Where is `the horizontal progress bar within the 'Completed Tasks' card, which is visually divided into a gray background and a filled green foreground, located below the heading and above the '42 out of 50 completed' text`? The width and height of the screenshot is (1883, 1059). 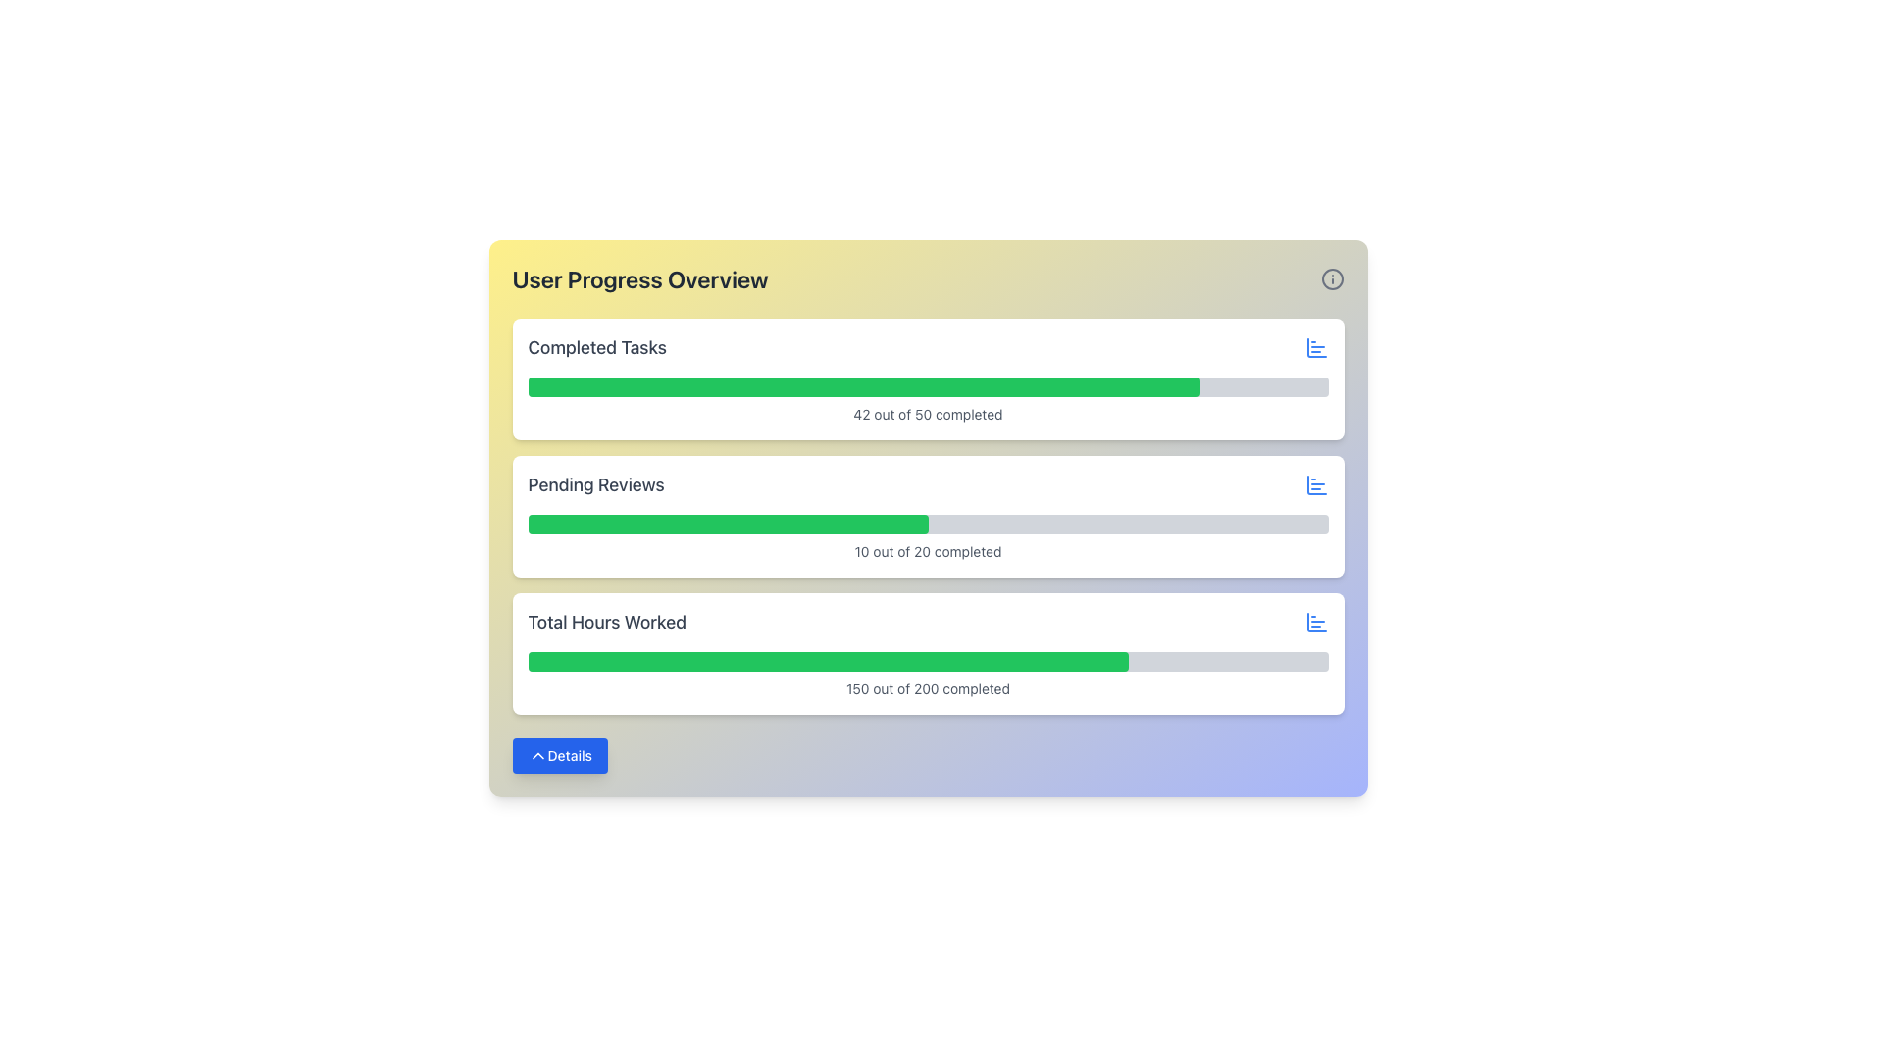 the horizontal progress bar within the 'Completed Tasks' card, which is visually divided into a gray background and a filled green foreground, located below the heading and above the '42 out of 50 completed' text is located at coordinates (927, 386).